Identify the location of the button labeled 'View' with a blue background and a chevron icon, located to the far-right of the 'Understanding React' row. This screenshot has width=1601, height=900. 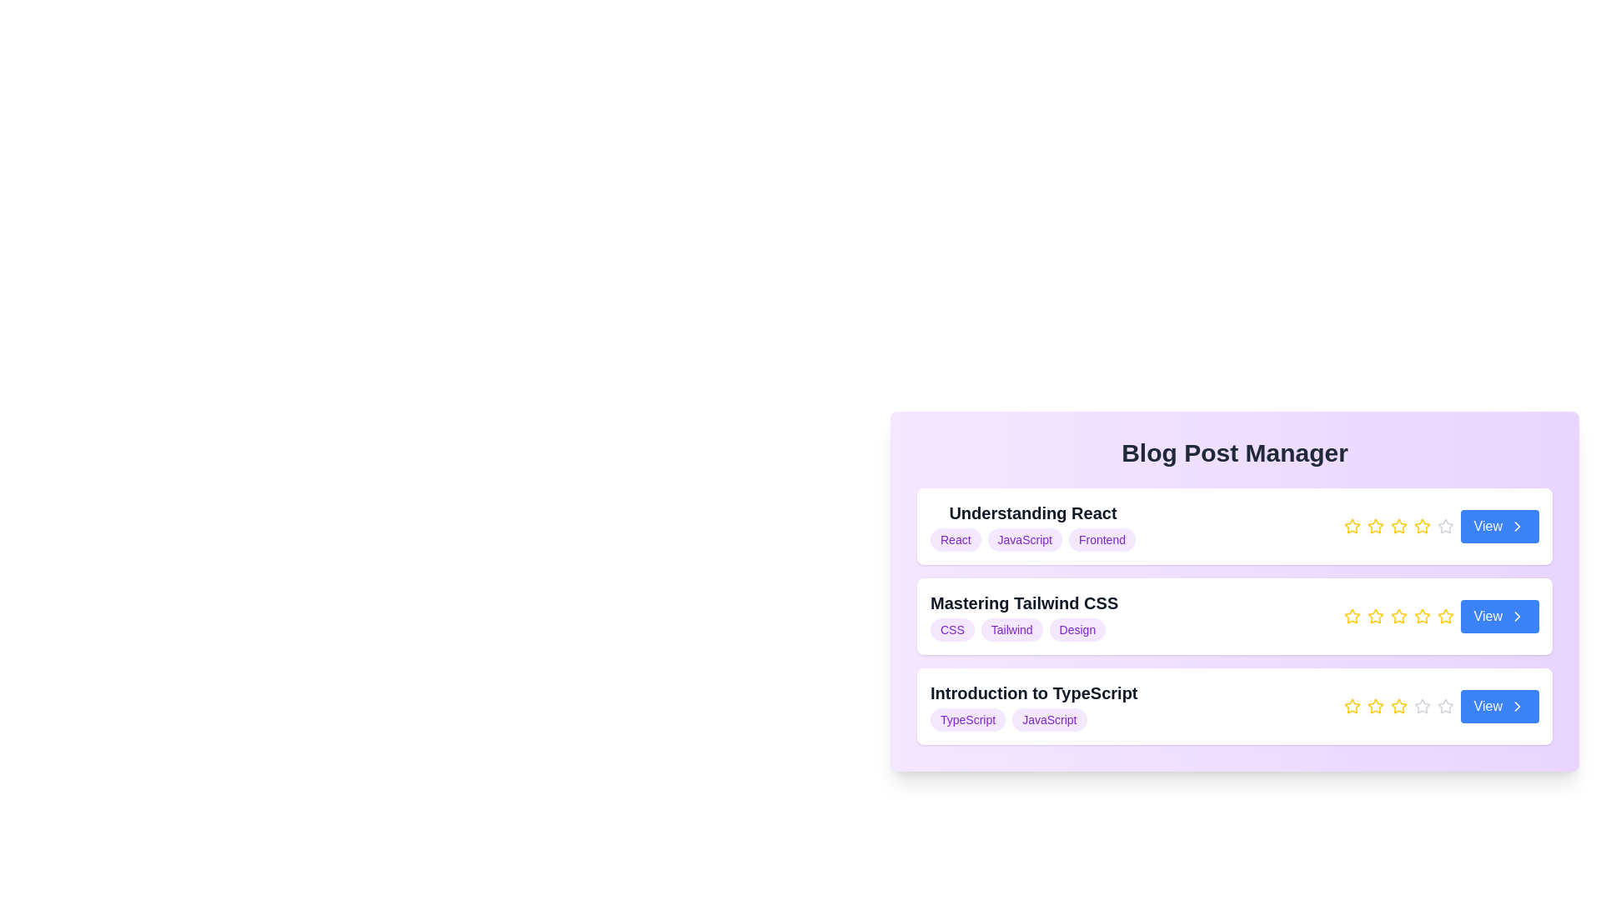
(1499, 527).